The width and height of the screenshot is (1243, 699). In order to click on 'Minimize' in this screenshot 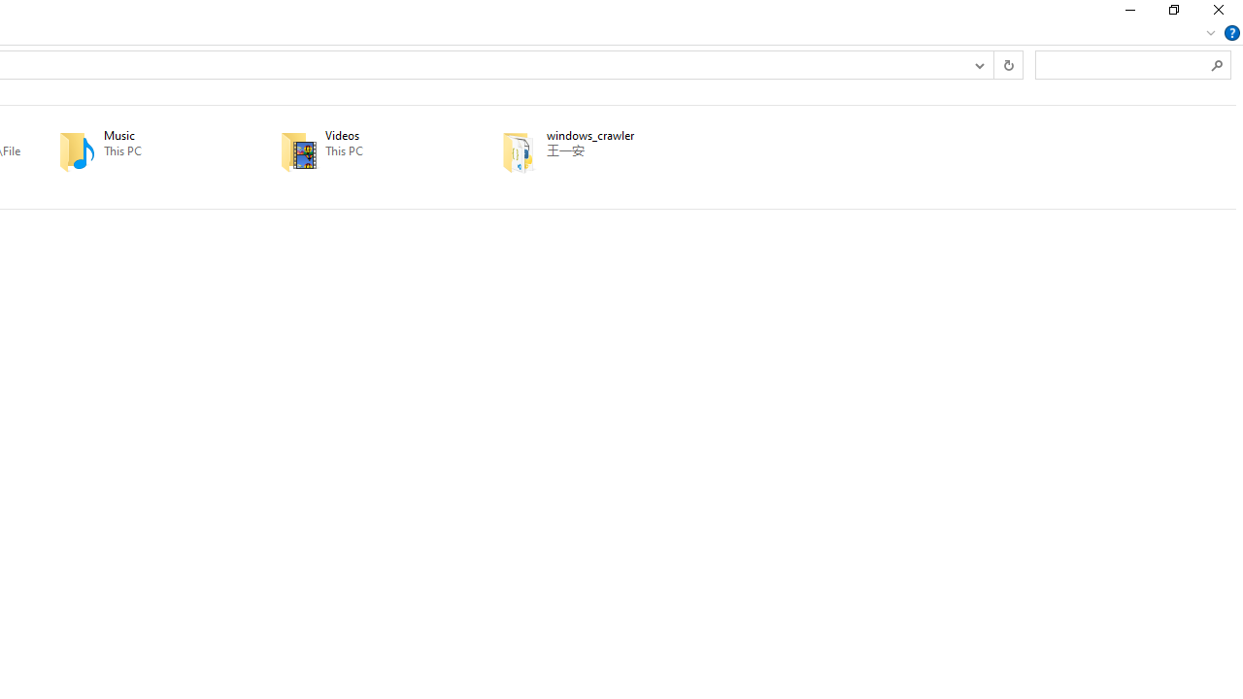, I will do `click(1128, 15)`.